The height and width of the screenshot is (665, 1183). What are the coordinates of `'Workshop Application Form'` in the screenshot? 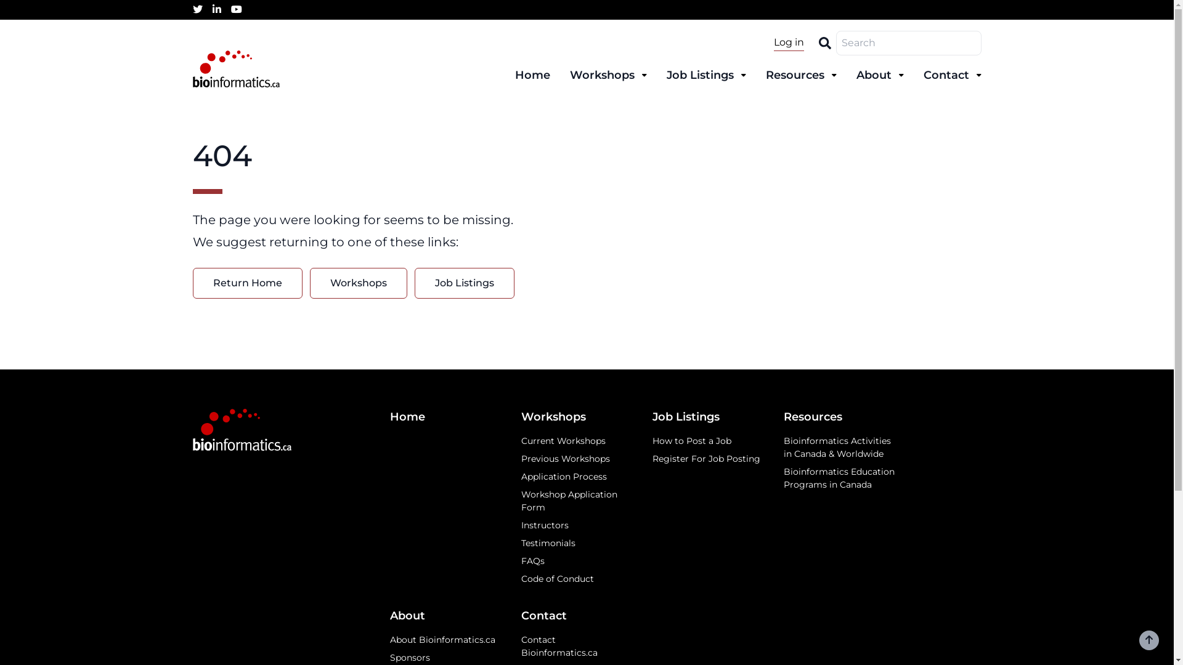 It's located at (521, 501).